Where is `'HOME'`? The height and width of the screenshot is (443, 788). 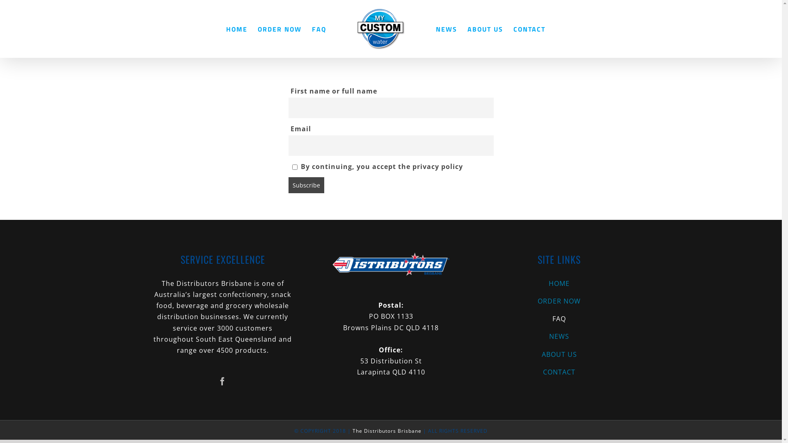 'HOME' is located at coordinates (236, 28).